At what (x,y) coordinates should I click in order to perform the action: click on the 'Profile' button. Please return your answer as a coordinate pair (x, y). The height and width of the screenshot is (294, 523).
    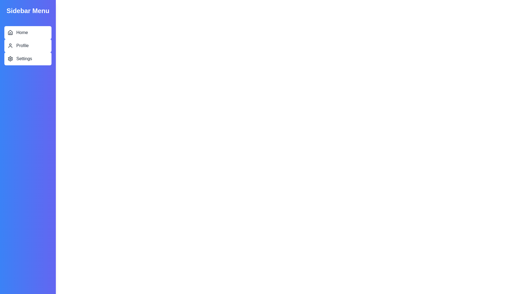
    Looking at the image, I should click on (28, 45).